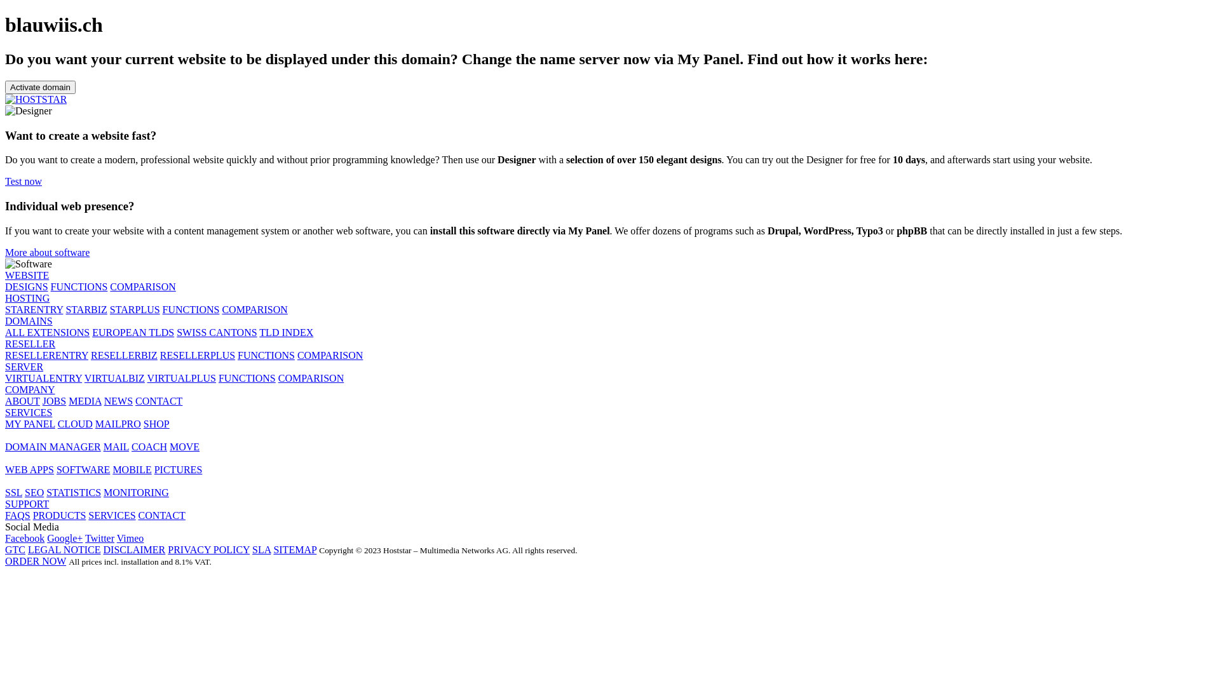 The height and width of the screenshot is (686, 1220). What do you see at coordinates (40, 86) in the screenshot?
I see `'Activate domain'` at bounding box center [40, 86].